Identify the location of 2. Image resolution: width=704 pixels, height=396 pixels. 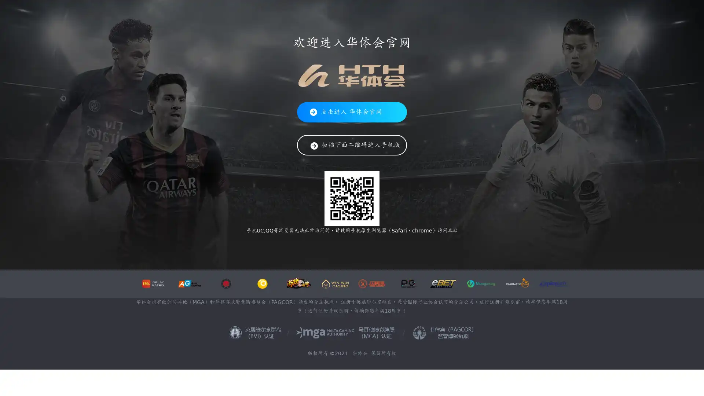
(280, 244).